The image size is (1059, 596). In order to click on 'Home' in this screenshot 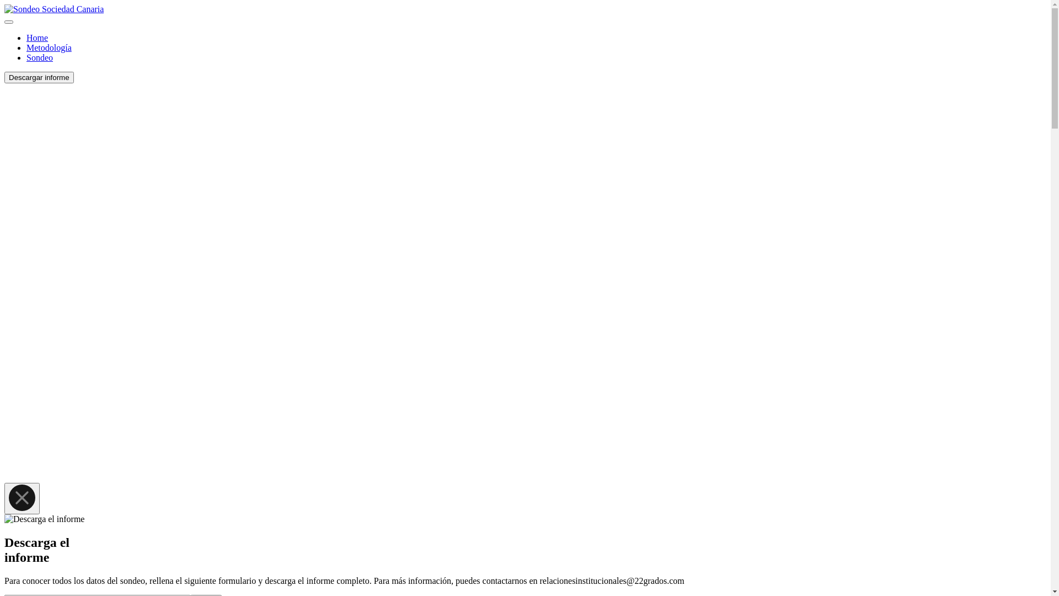, I will do `click(37, 37)`.